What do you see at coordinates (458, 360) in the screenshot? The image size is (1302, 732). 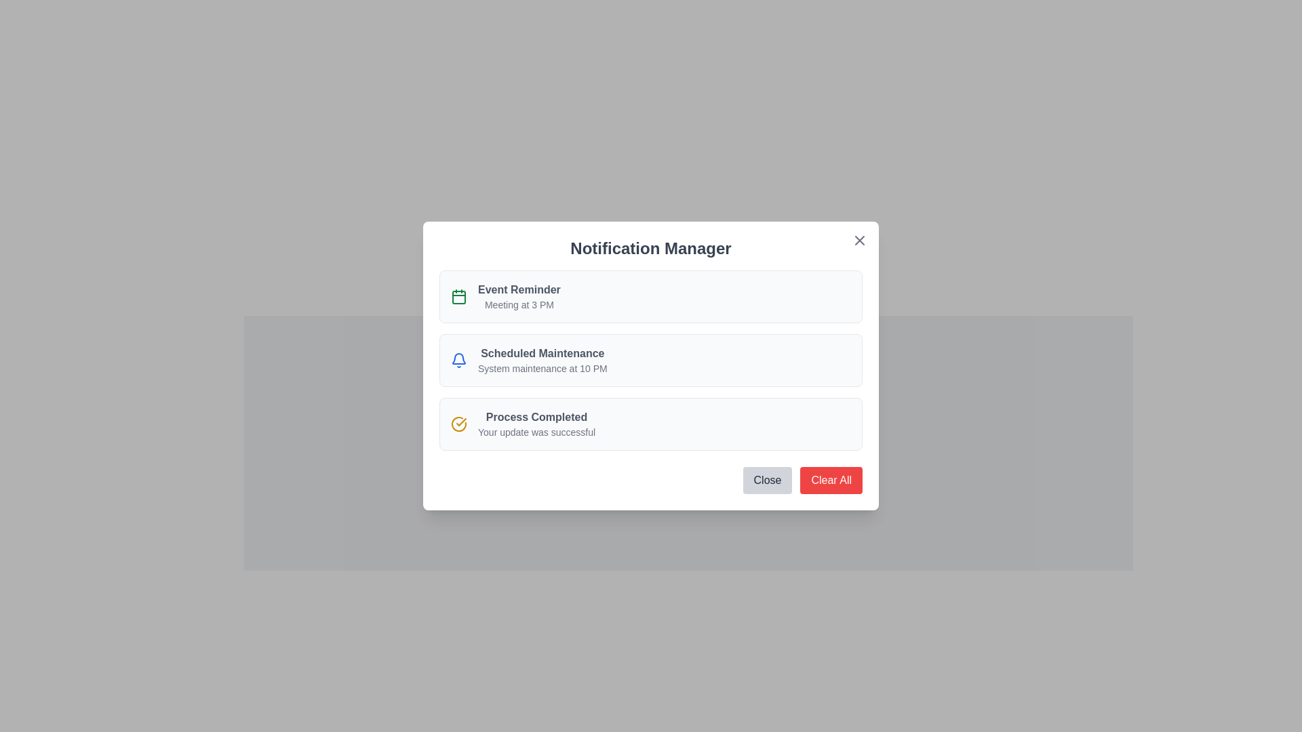 I see `the blue notification bell icon located to the left of the 'Scheduled Maintenance' text in the 'Notification Manager' modal` at bounding box center [458, 360].